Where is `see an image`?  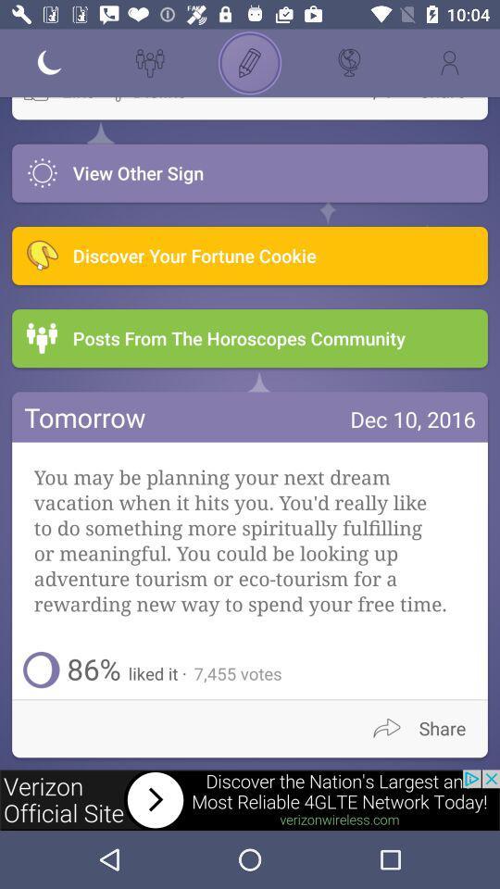
see an image is located at coordinates (250, 799).